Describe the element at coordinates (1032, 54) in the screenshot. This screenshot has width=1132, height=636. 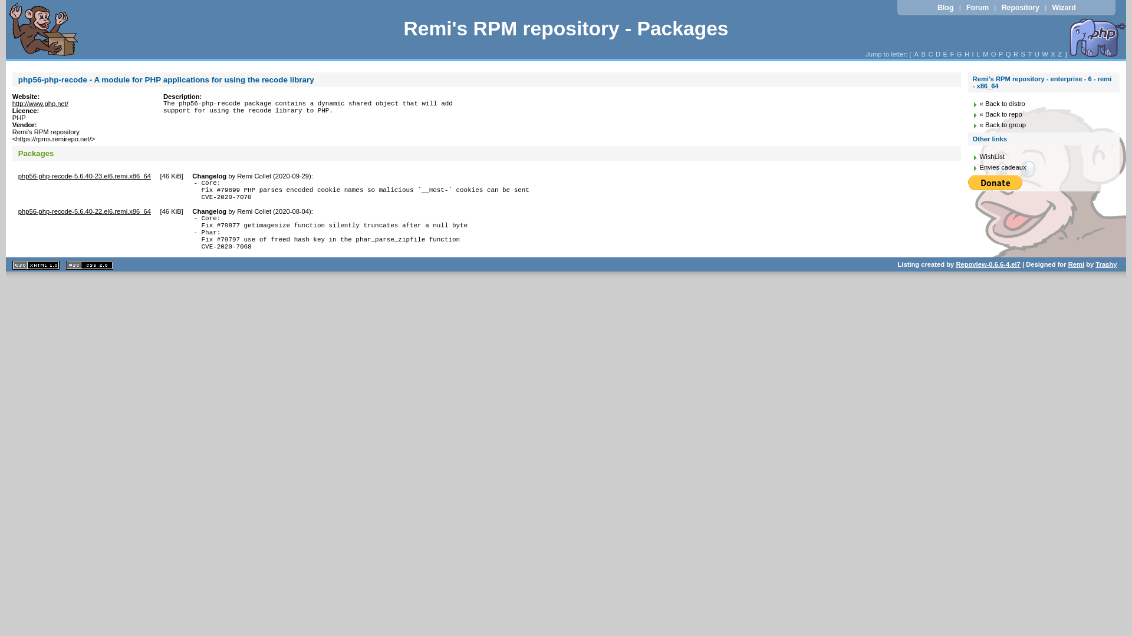
I see `'U'` at that location.